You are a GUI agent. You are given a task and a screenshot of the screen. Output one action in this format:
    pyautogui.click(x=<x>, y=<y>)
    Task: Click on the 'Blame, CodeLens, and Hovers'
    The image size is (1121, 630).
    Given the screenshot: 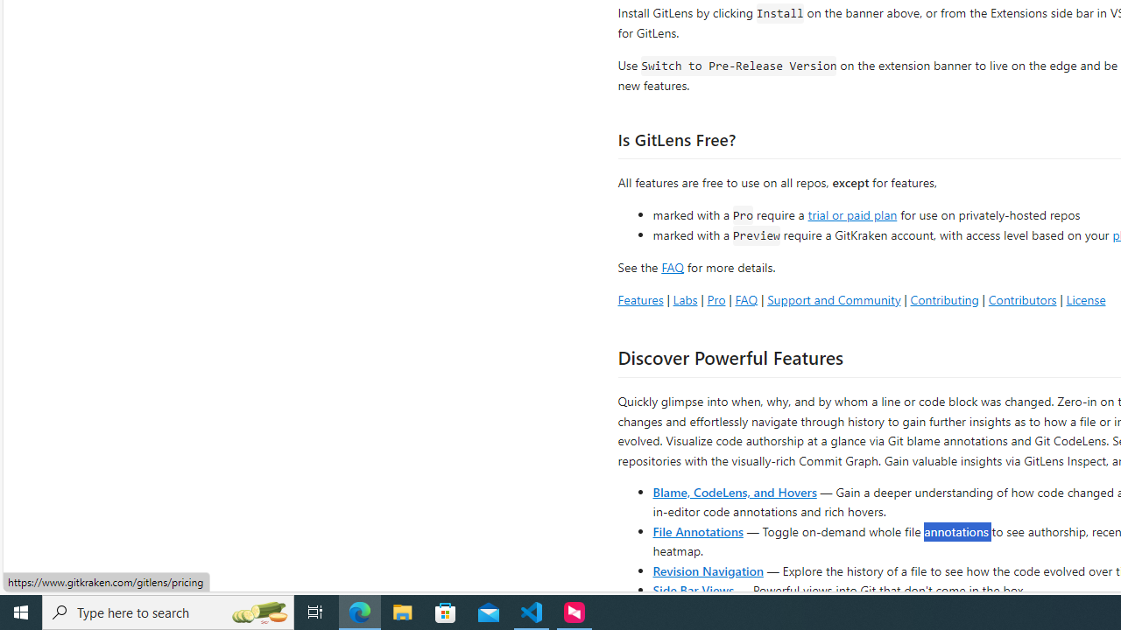 What is the action you would take?
    pyautogui.click(x=735, y=491)
    